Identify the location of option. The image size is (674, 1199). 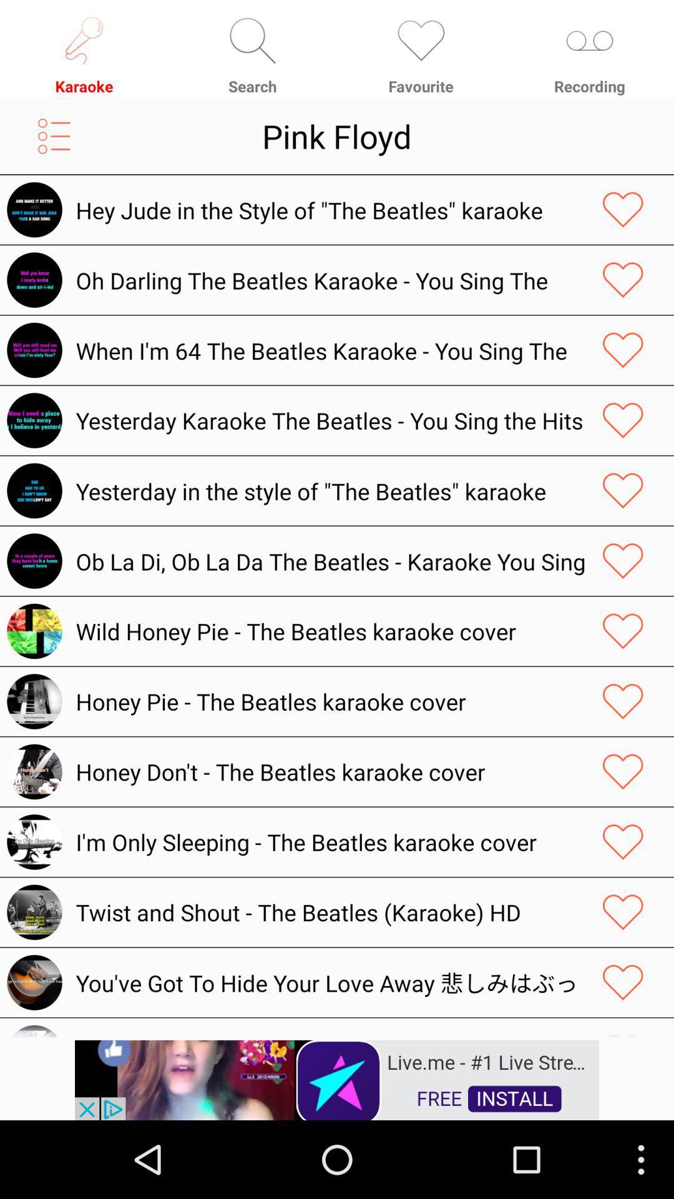
(623, 560).